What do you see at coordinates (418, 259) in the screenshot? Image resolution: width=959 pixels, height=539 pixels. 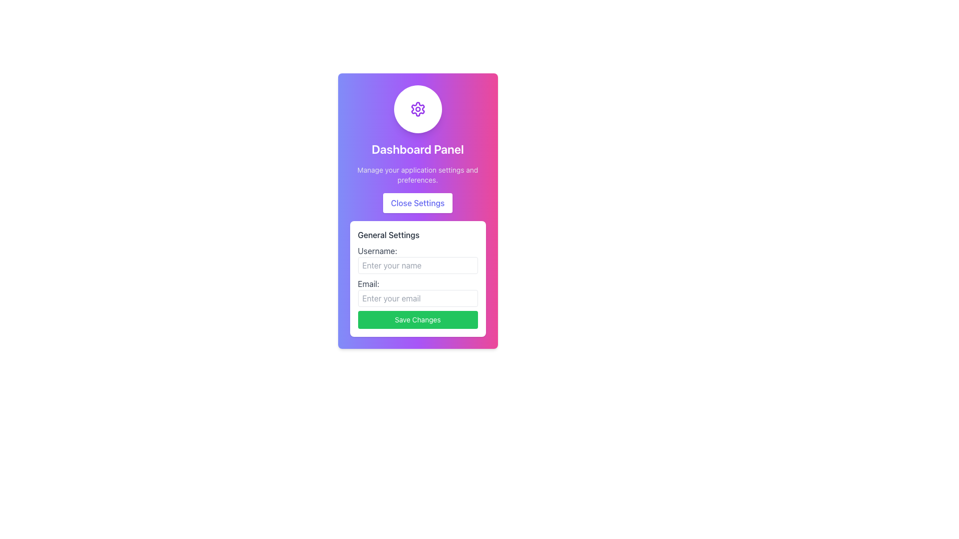 I see `the Text label in the 'General Settings' form, which guides users to enter their username in the input field below it` at bounding box center [418, 259].